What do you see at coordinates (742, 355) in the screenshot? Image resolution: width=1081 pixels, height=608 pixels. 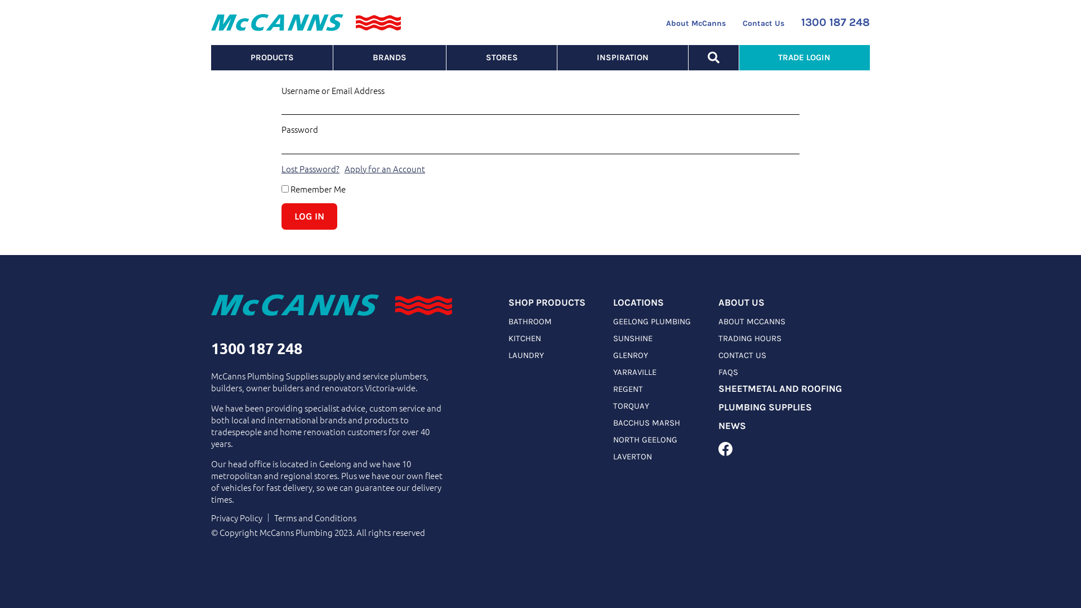 I see `'CONTACT US'` at bounding box center [742, 355].